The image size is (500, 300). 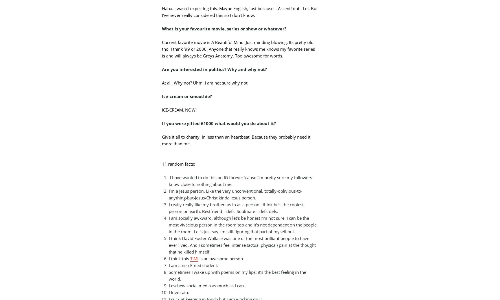 What do you see at coordinates (194, 258) in the screenshot?
I see `'TIMI'` at bounding box center [194, 258].